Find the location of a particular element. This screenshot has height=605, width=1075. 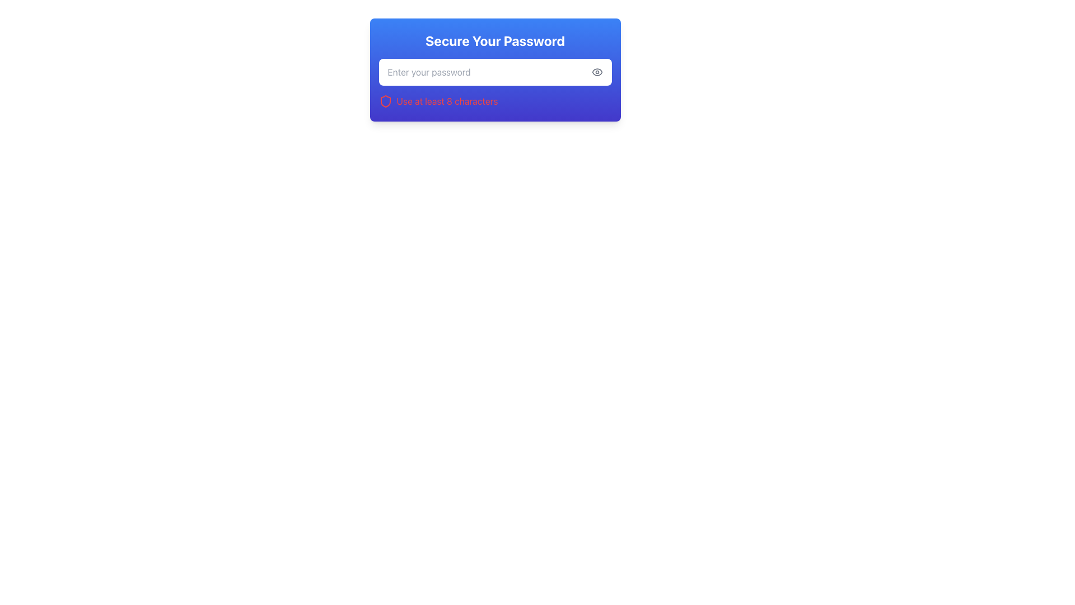

the text label that indicates a requirement for at least 8 characters for the password entry, located beneath the password input field and aligned with the red shield icon is located at coordinates (446, 101).